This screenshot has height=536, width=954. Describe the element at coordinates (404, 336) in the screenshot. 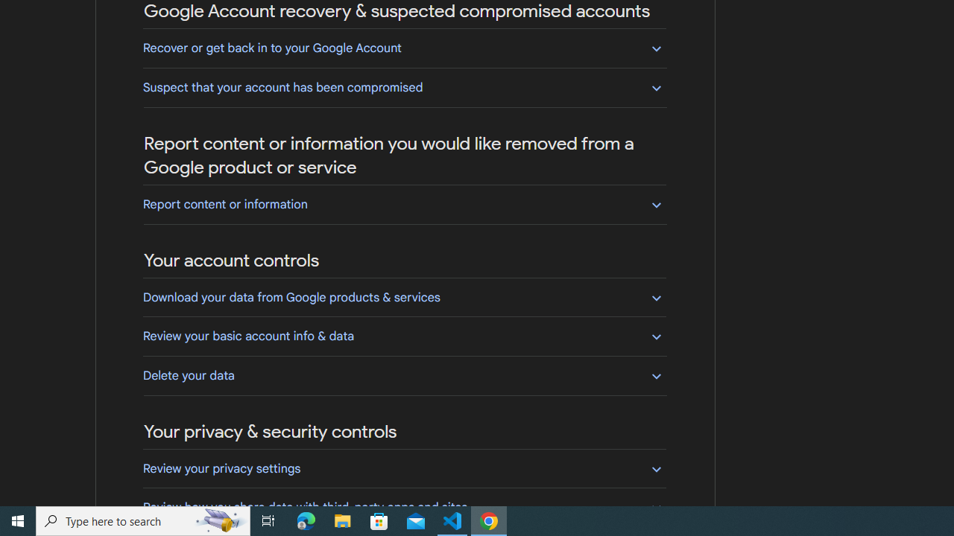

I see `'Review your basic account info & data'` at that location.